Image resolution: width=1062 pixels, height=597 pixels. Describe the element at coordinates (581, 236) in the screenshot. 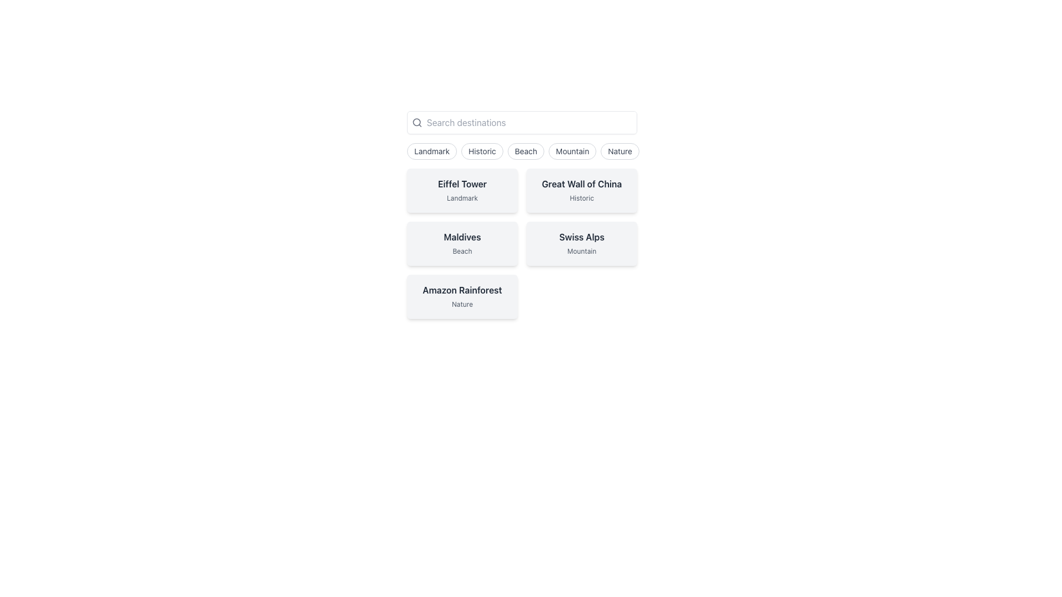

I see `title text label displaying 'Swiss Alps' which is part of a card layout in the second column of the grid` at that location.